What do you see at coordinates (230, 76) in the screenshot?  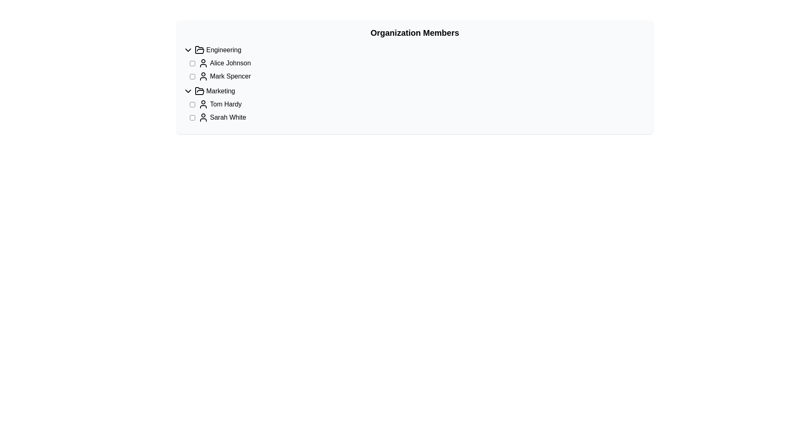 I see `the text label displaying the name 'Mark Spencer', which is positioned adjacent to a profile icon and is part of a user-related information row` at bounding box center [230, 76].